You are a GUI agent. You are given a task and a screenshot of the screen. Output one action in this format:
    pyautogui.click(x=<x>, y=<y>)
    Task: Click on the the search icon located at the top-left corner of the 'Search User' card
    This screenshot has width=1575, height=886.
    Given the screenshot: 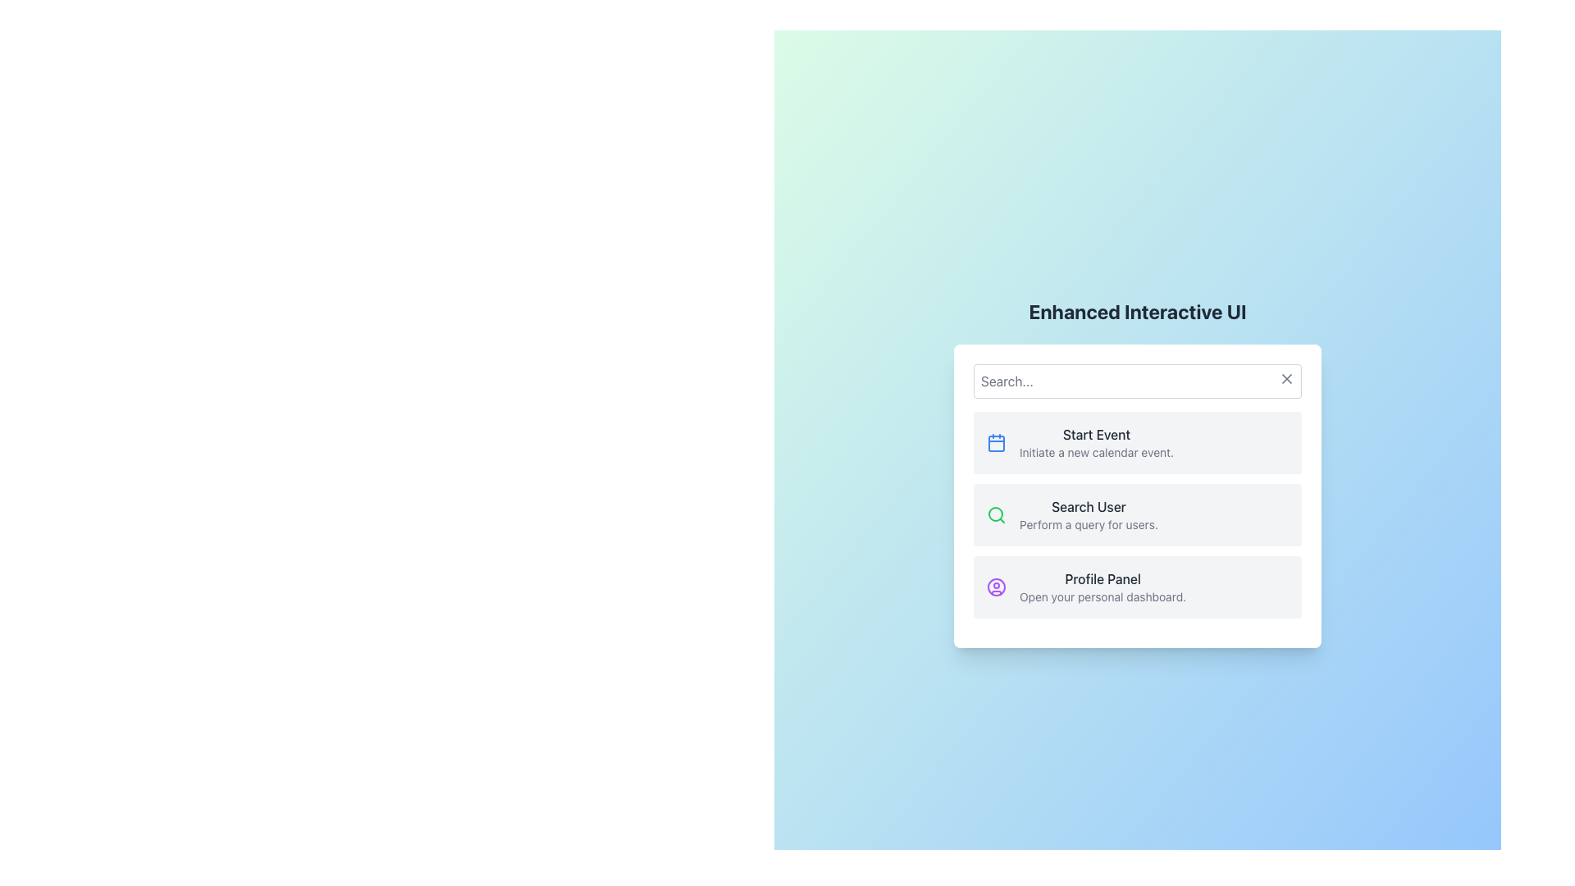 What is the action you would take?
    pyautogui.click(x=995, y=514)
    